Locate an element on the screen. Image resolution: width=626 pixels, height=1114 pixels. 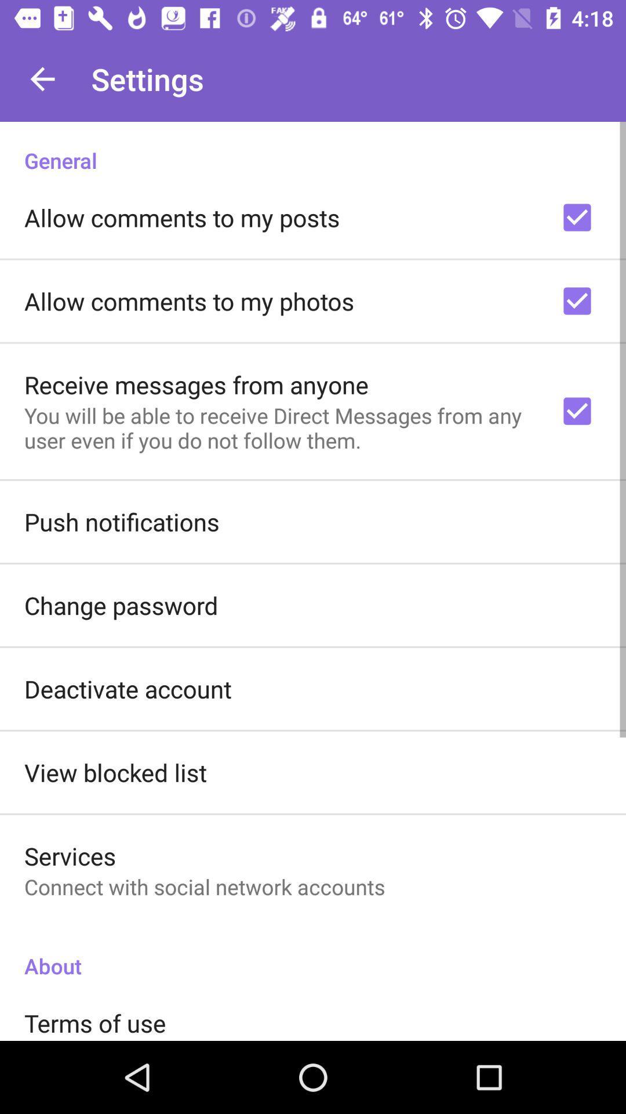
the item below the change password icon is located at coordinates (128, 689).